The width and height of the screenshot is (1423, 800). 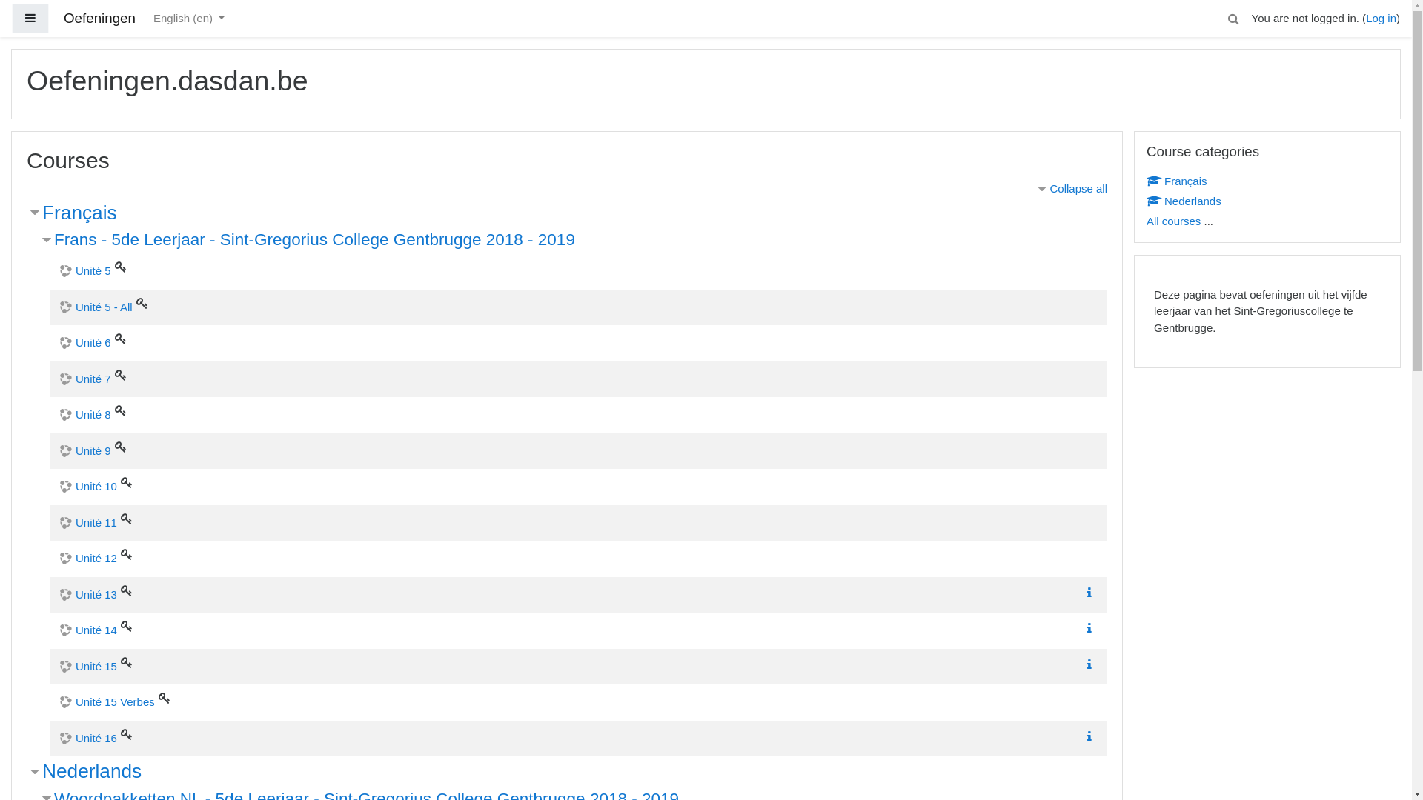 What do you see at coordinates (1227, 18) in the screenshot?
I see `'Search'` at bounding box center [1227, 18].